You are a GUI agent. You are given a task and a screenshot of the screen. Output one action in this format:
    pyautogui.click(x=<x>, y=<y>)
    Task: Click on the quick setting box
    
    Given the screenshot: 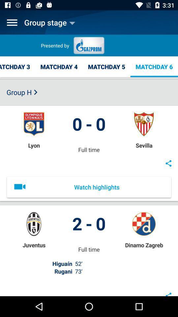 What is the action you would take?
    pyautogui.click(x=12, y=22)
    